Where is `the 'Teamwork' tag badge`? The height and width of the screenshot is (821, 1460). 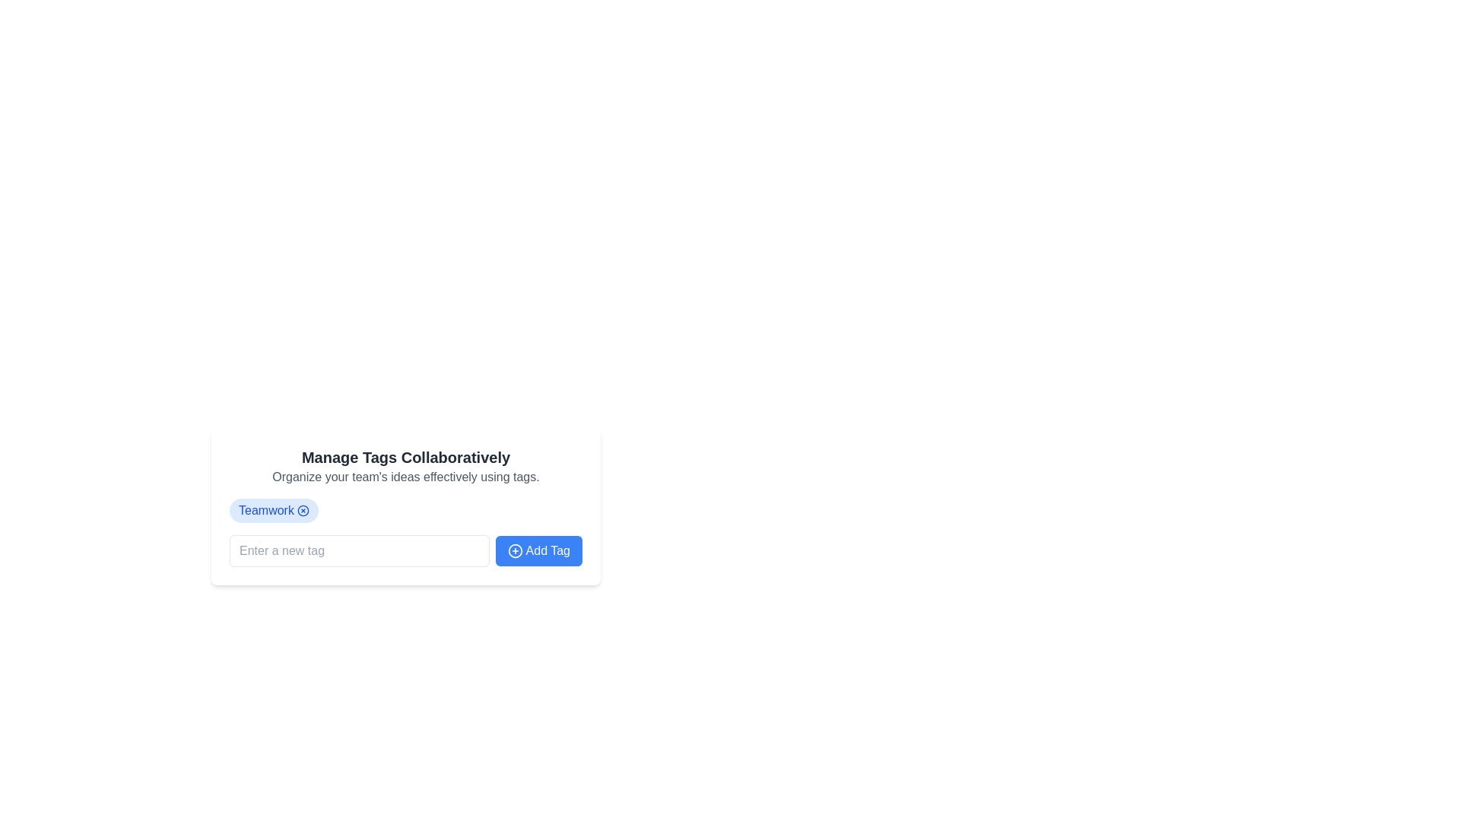 the 'Teamwork' tag badge is located at coordinates (274, 510).